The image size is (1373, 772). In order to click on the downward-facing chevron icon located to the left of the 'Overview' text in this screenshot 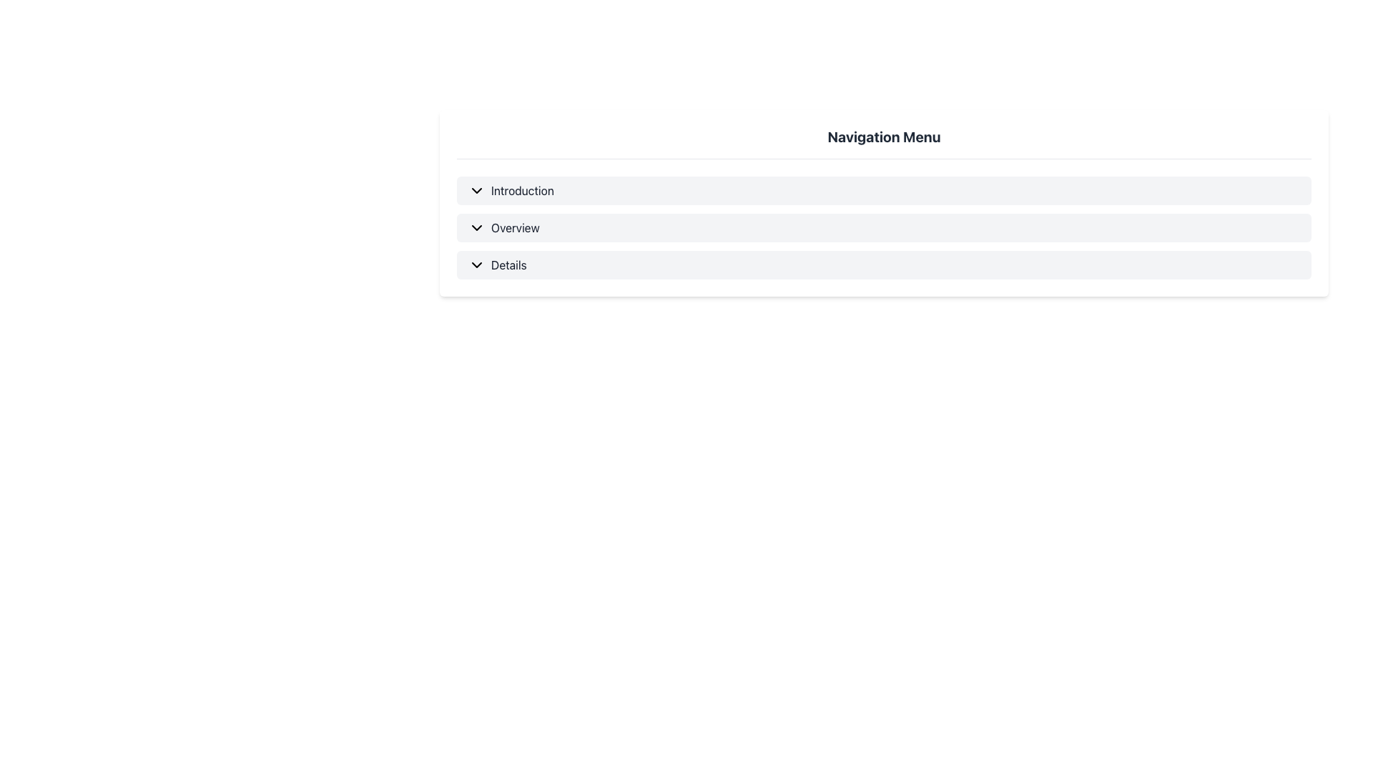, I will do `click(477, 227)`.